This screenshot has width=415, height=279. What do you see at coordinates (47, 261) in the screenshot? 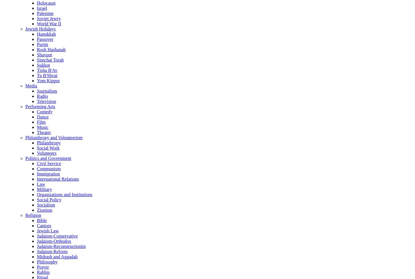
I see `'Philosophy'` at bounding box center [47, 261].